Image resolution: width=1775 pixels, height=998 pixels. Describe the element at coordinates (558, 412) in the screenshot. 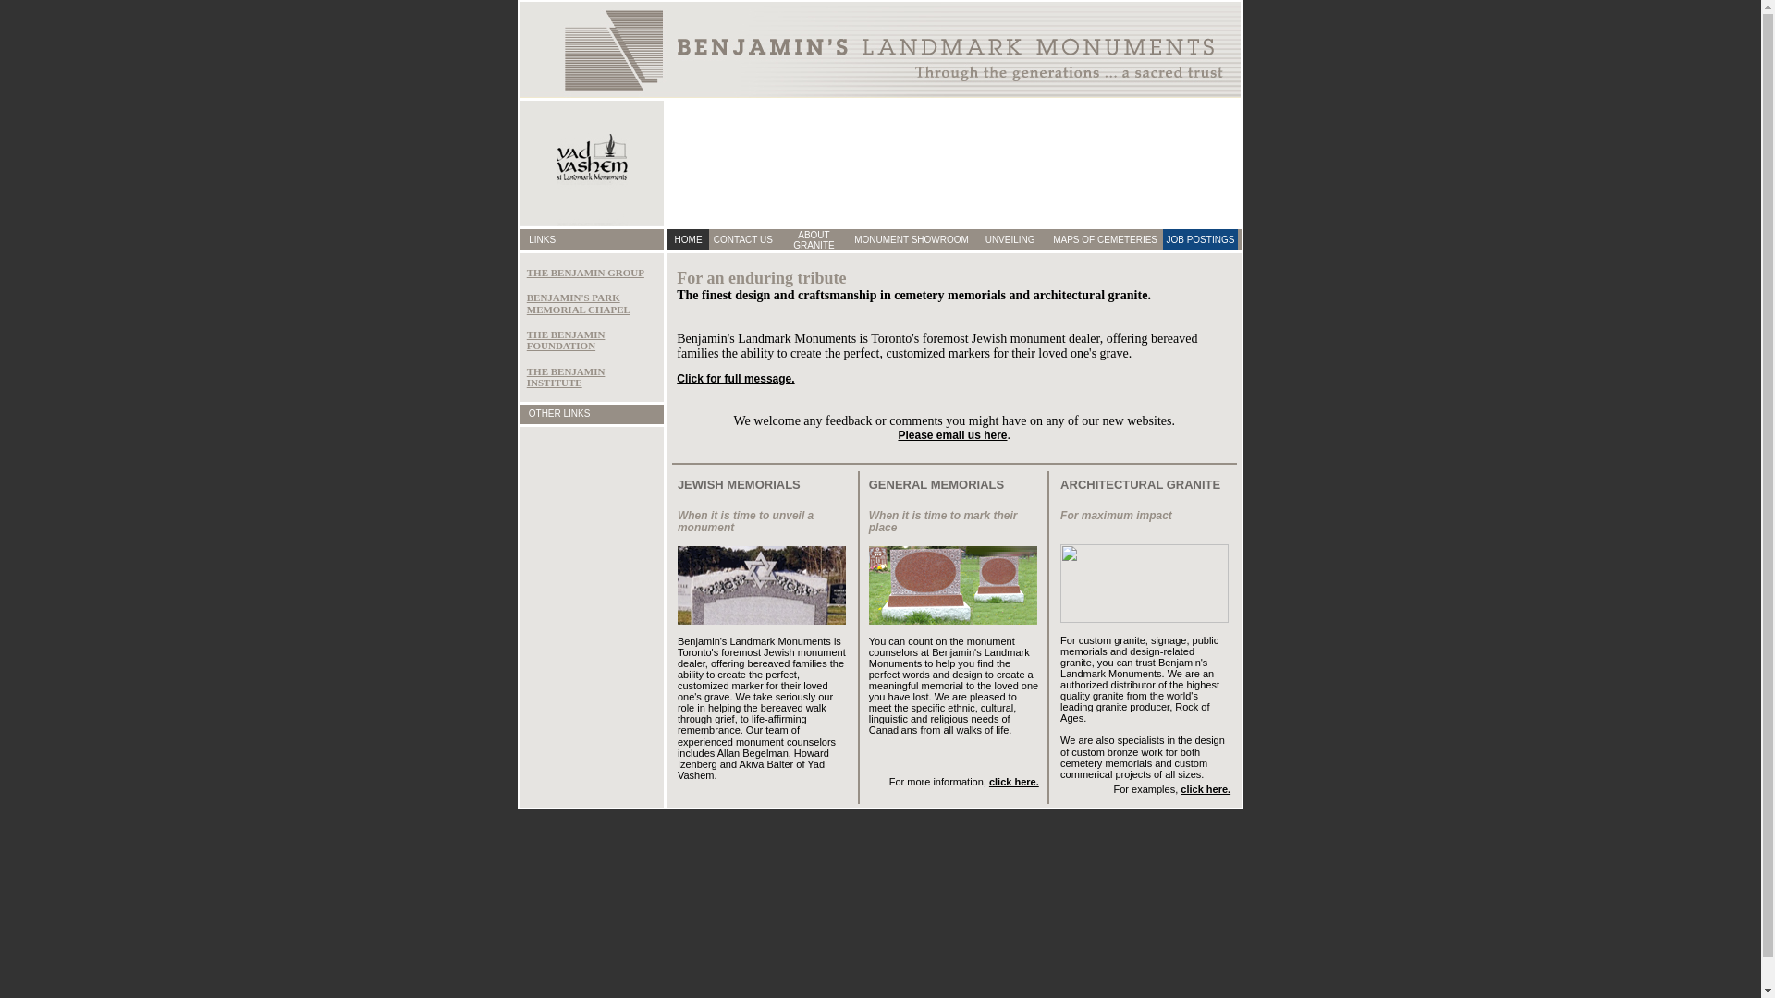

I see `'OTHER LINKS'` at that location.